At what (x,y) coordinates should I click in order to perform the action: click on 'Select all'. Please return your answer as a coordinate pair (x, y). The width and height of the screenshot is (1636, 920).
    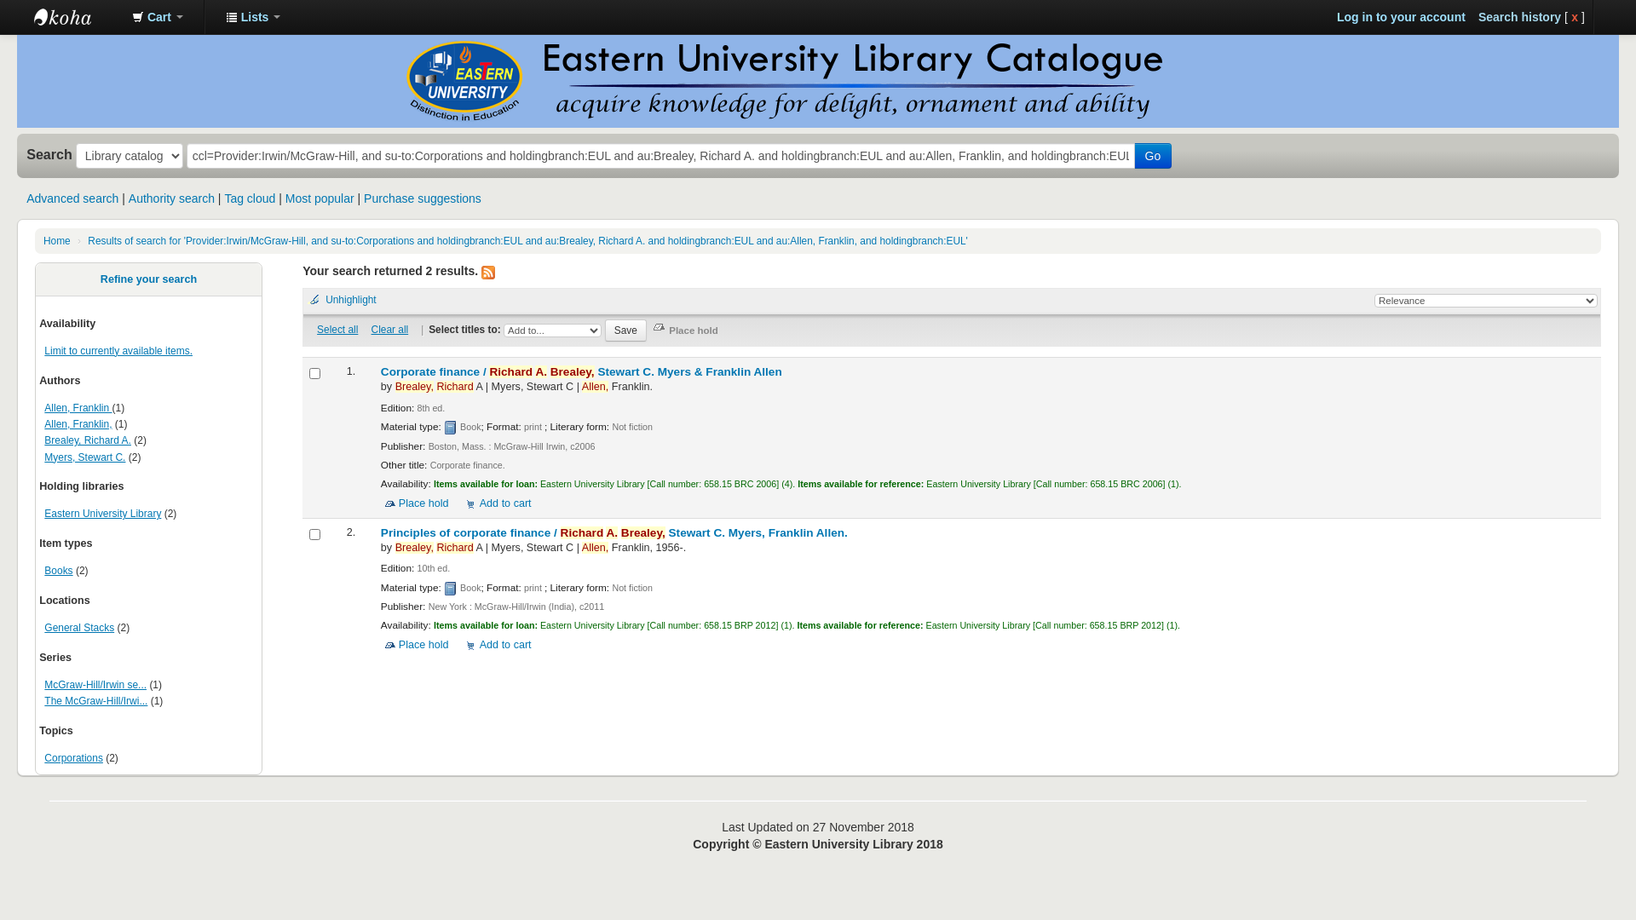
    Looking at the image, I should click on (337, 329).